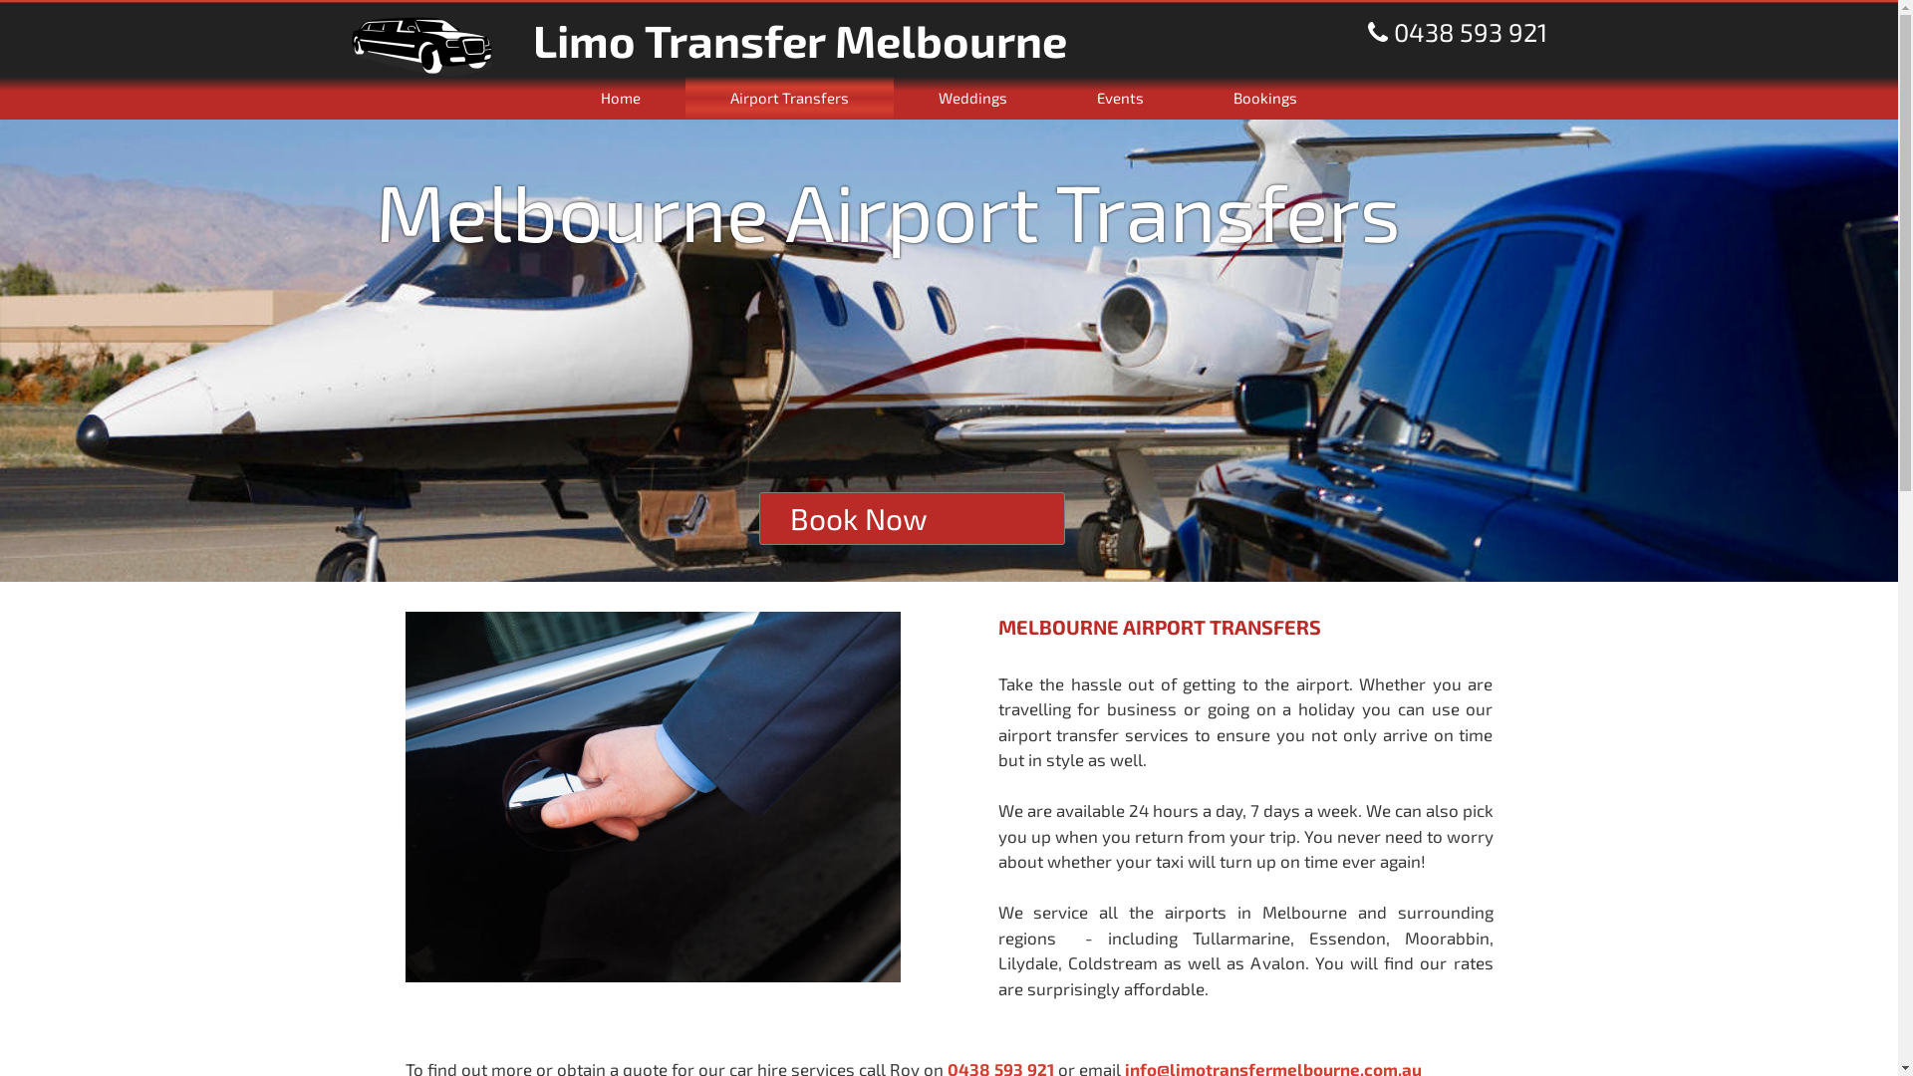  I want to click on 'Chauffeur's hand opening passenger door, so click(652, 796).